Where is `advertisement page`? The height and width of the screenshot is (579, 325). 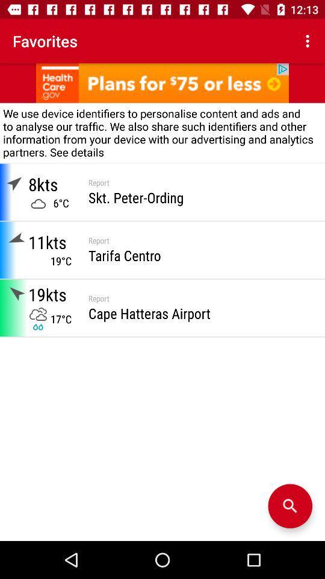
advertisement page is located at coordinates (162, 82).